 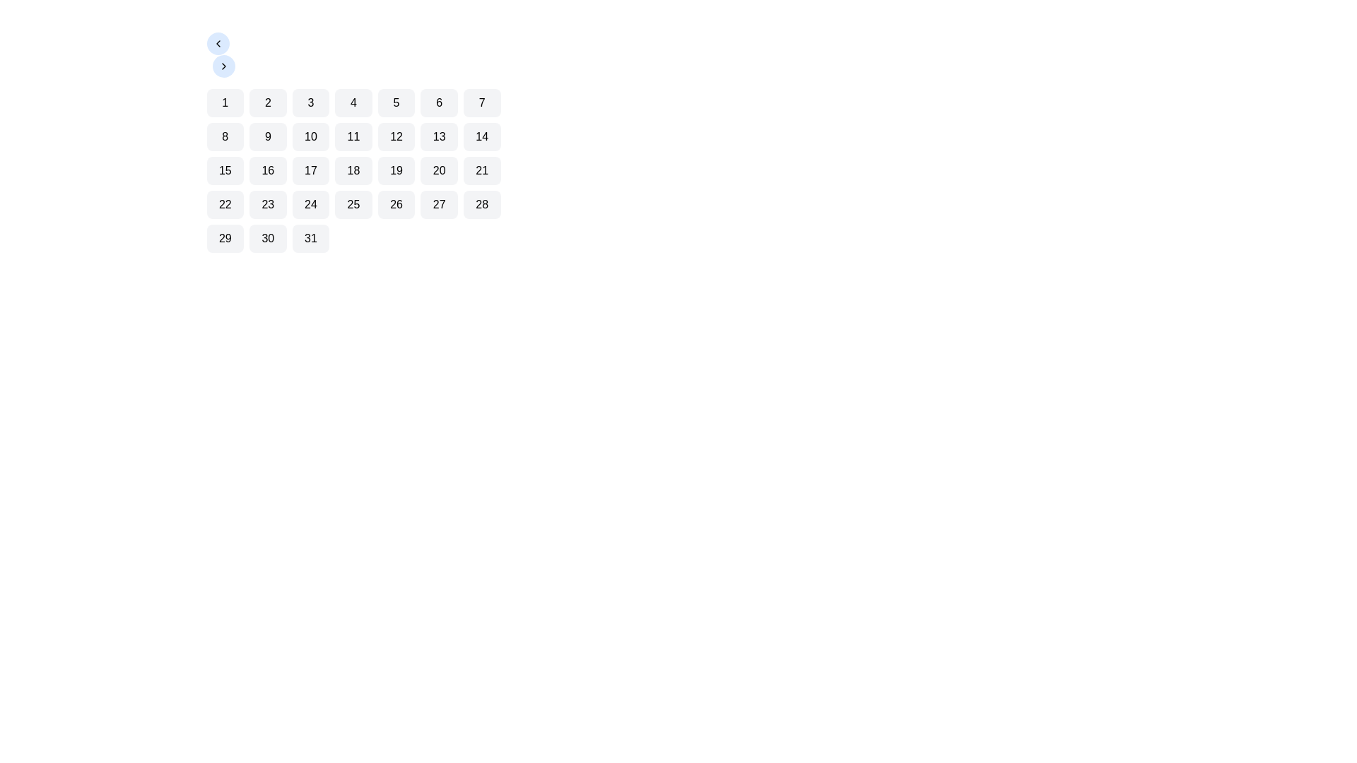 What do you see at coordinates (268, 170) in the screenshot?
I see `the button representing the number '16' in the date selection interface` at bounding box center [268, 170].